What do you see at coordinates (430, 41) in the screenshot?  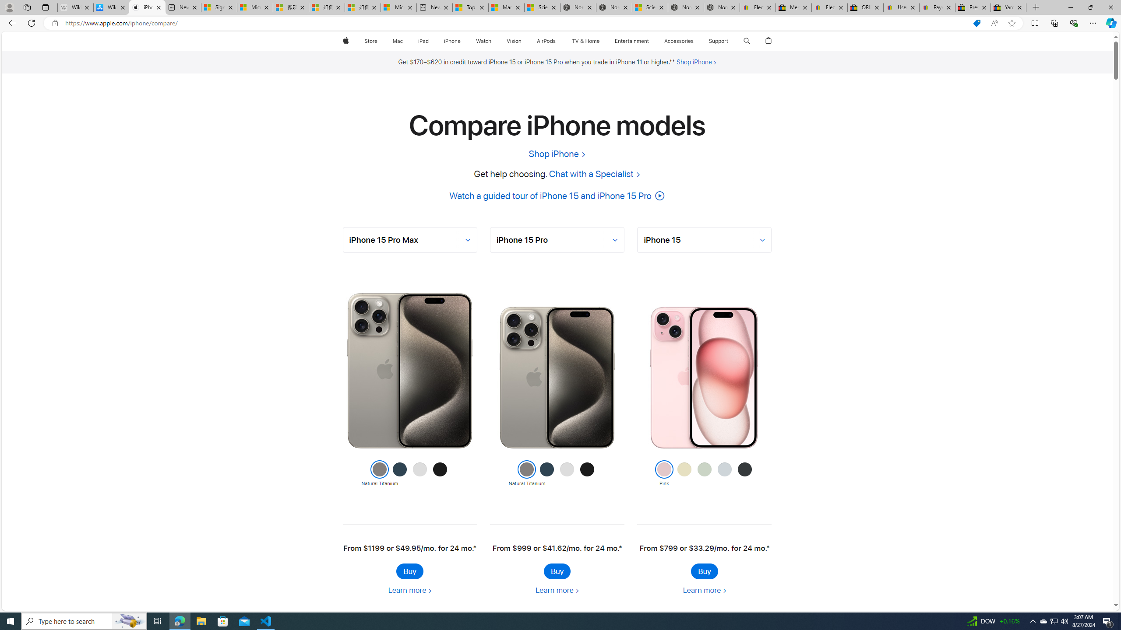 I see `'iPad menu'` at bounding box center [430, 41].